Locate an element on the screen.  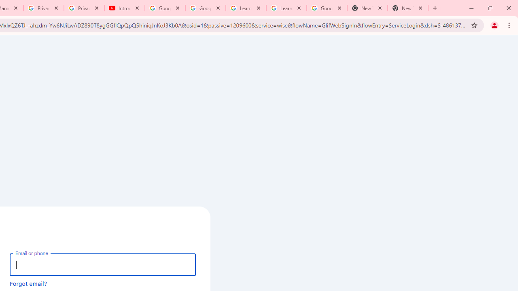
'New Tab' is located at coordinates (408, 8).